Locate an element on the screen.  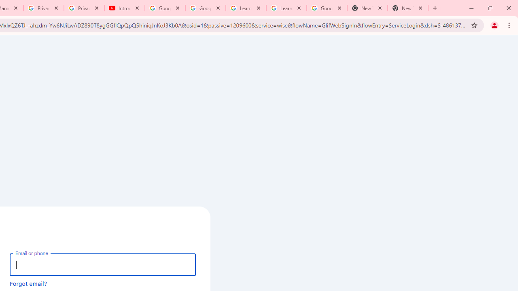
'New Tab' is located at coordinates (408, 8).